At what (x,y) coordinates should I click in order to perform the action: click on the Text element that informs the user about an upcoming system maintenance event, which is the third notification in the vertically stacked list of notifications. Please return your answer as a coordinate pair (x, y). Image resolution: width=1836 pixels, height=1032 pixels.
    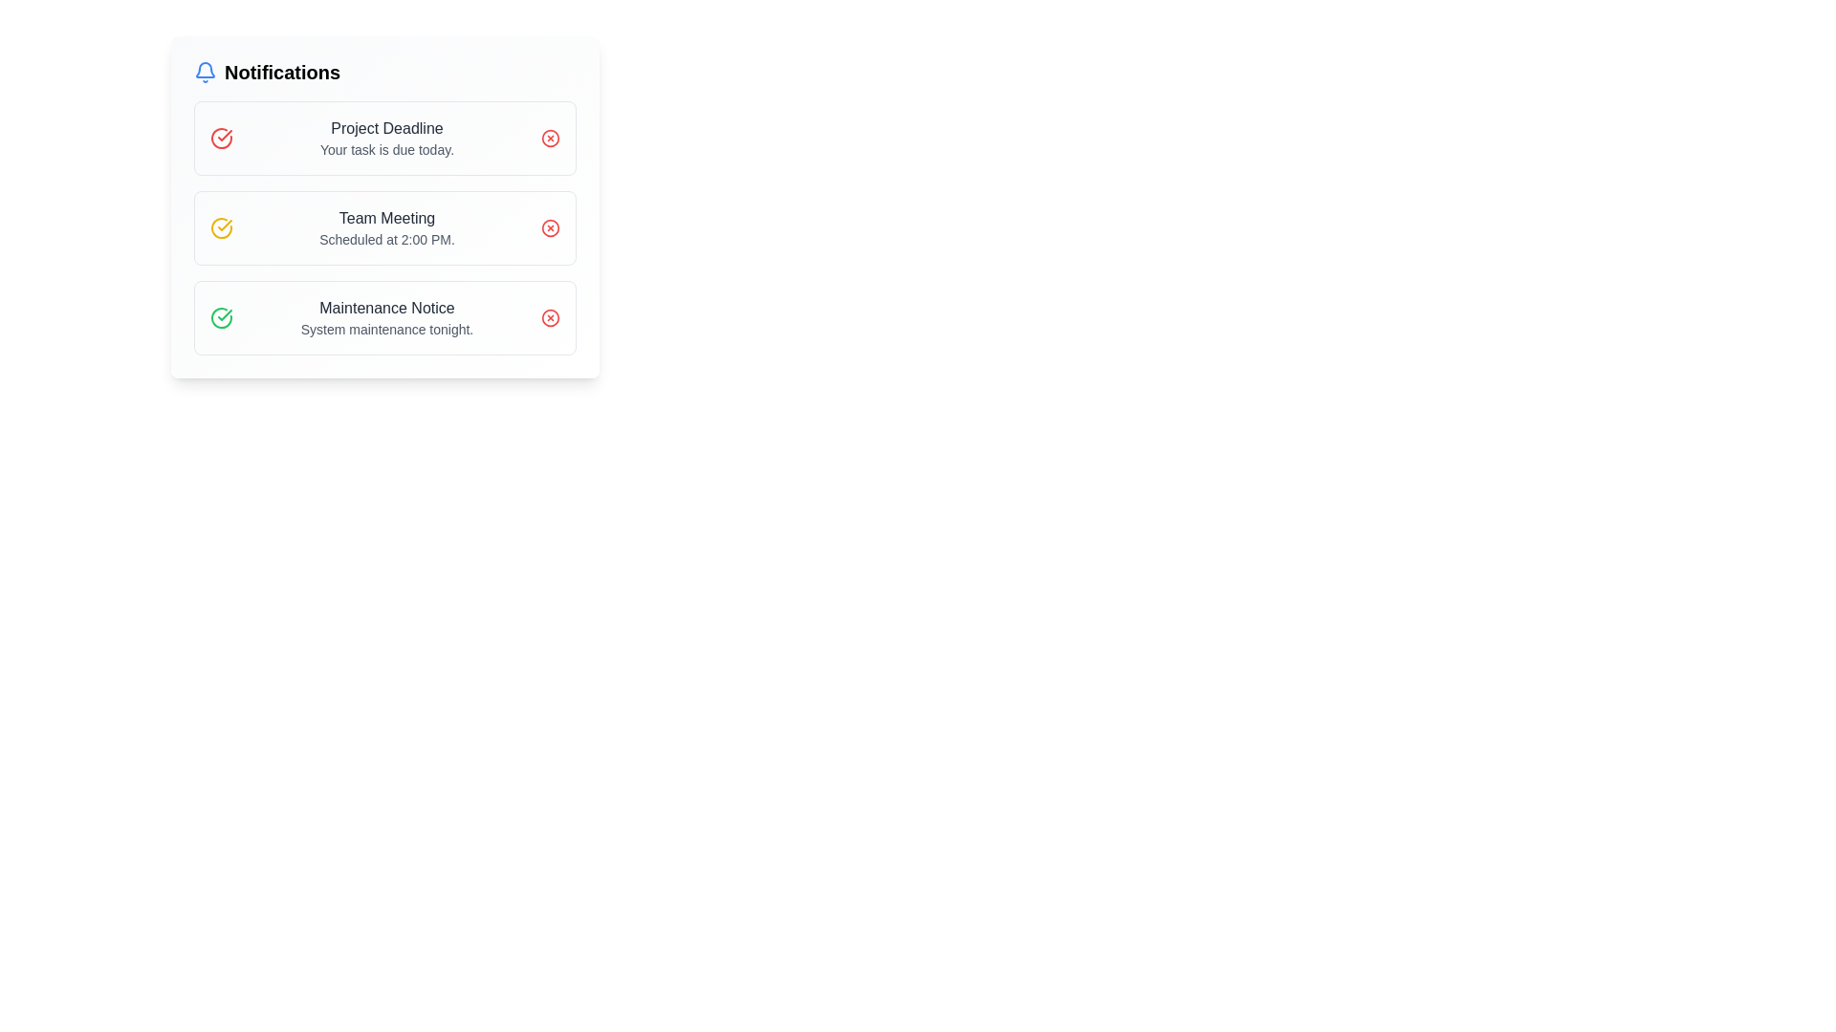
    Looking at the image, I should click on (385, 316).